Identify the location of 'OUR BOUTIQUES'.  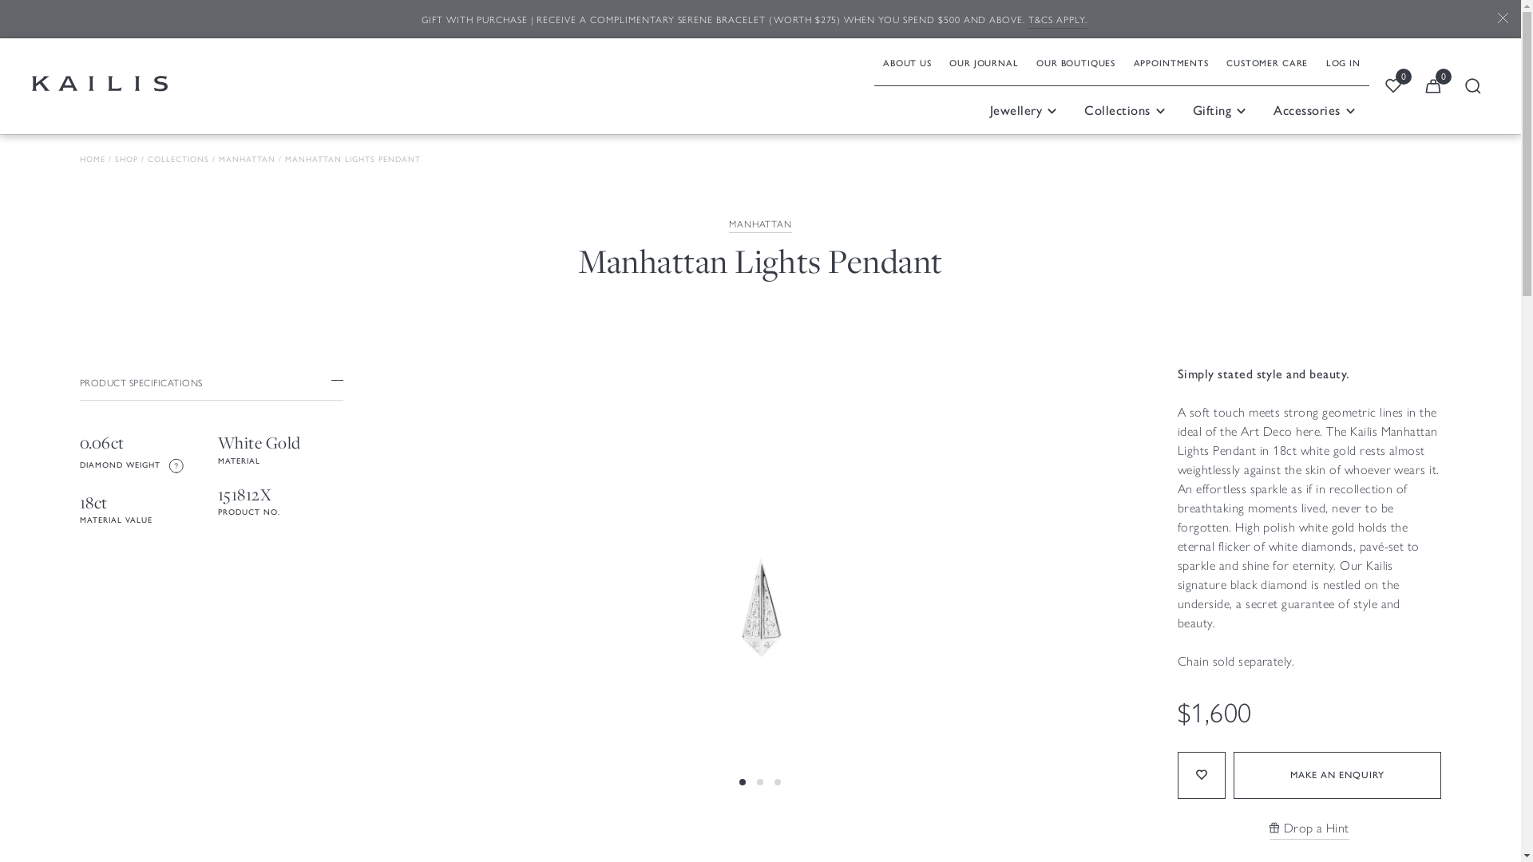
(1075, 61).